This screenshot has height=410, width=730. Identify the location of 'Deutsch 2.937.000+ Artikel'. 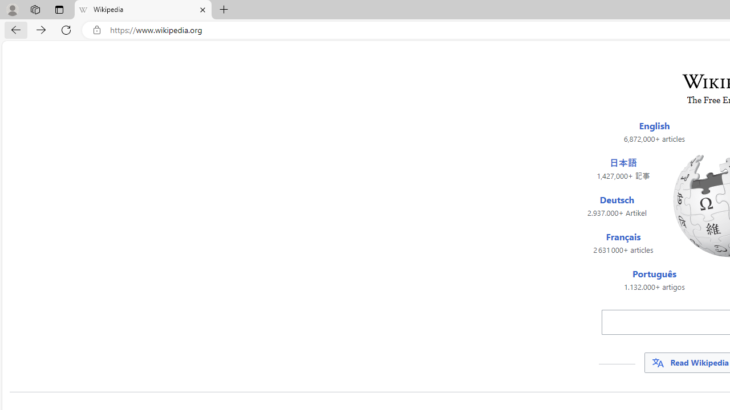
(616, 206).